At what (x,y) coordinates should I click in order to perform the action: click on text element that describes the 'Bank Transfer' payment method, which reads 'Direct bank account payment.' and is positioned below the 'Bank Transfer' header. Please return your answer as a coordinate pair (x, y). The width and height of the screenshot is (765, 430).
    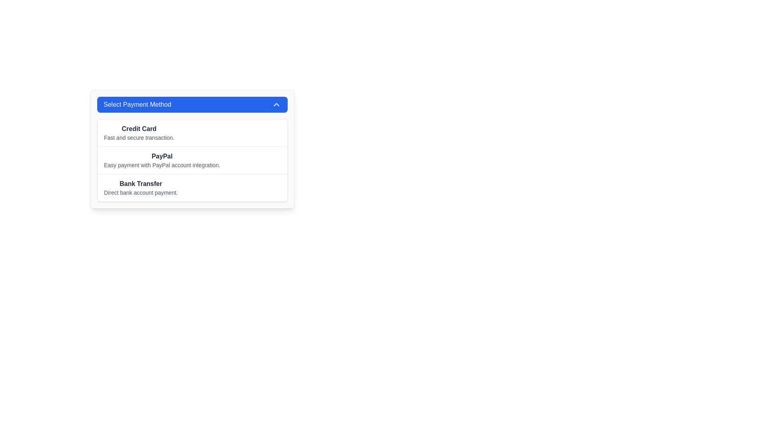
    Looking at the image, I should click on (141, 192).